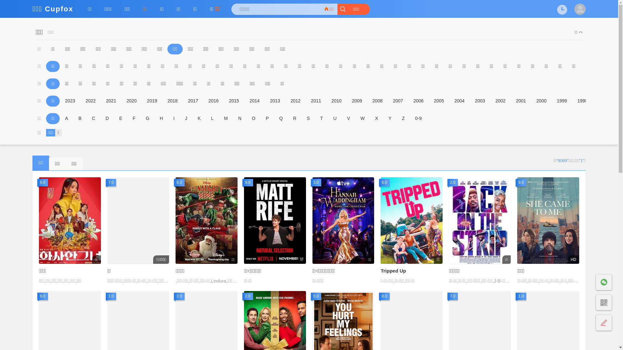 This screenshot has height=350, width=623. Describe the element at coordinates (500, 101) in the screenshot. I see `'2002'` at that location.